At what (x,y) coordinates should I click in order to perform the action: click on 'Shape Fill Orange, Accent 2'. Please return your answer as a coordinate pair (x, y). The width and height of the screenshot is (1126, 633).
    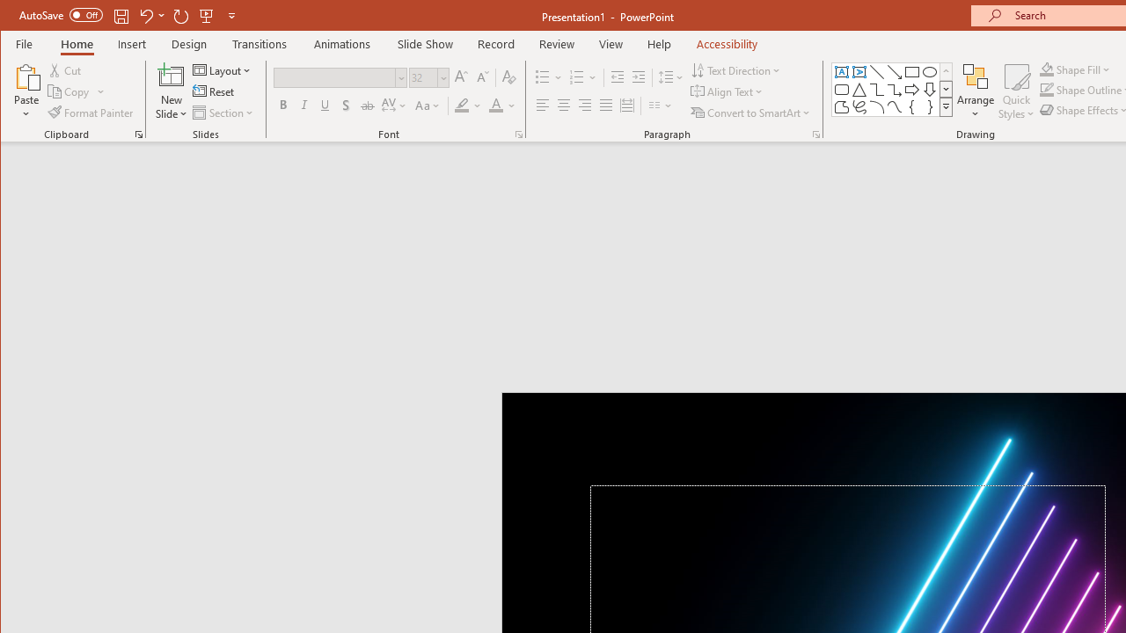
    Looking at the image, I should click on (1046, 69).